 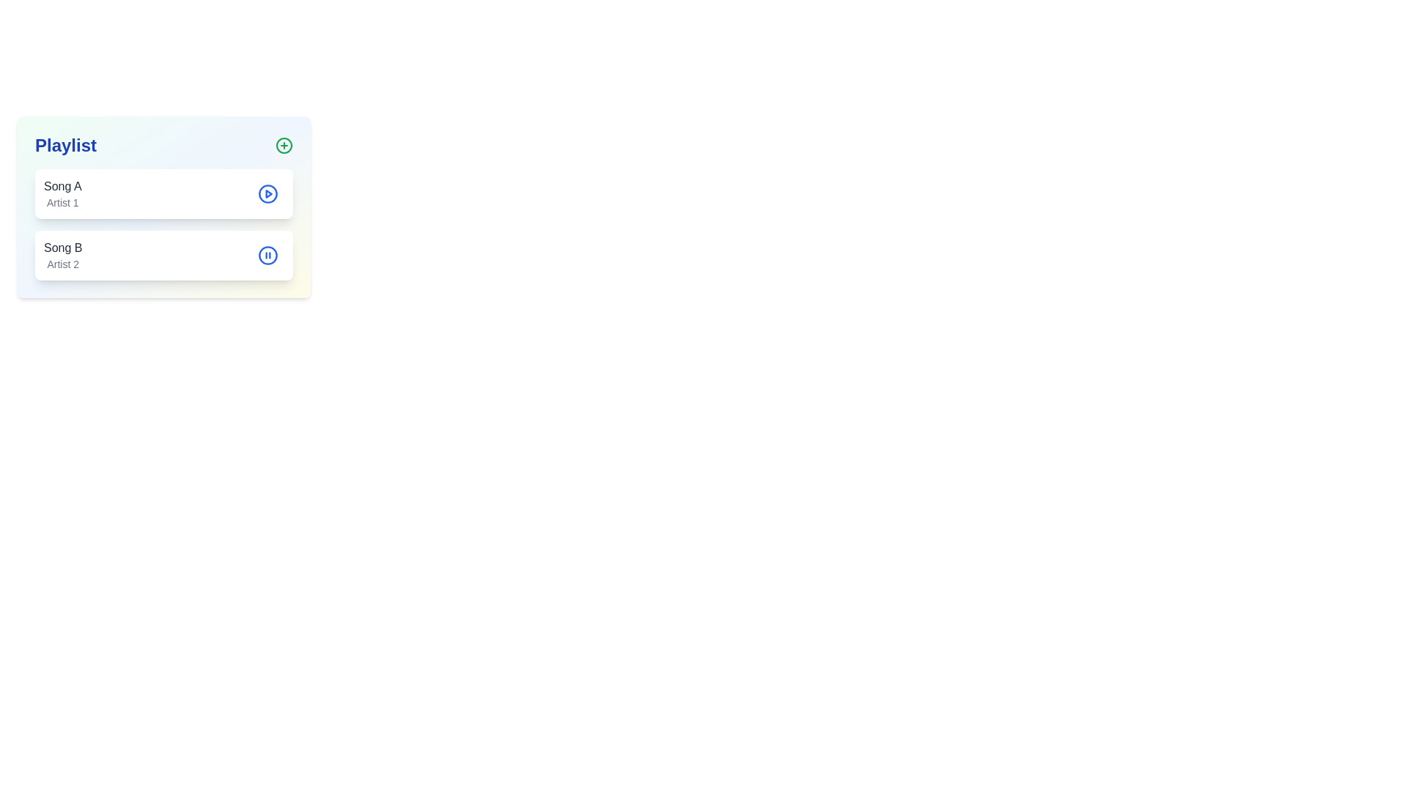 What do you see at coordinates (164, 193) in the screenshot?
I see `the first list item displaying 'Song A' by 'Artist 1'` at bounding box center [164, 193].